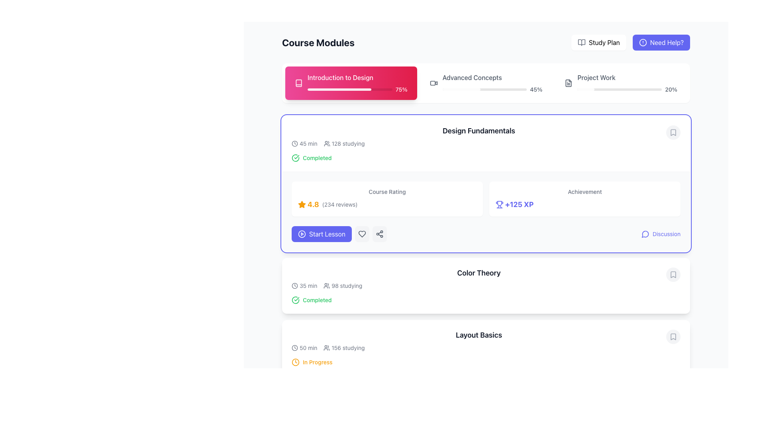  I want to click on the trophy icon's SVG outline element that represents achievement, located at the top-center of the trophy icon in the achievements section, so click(499, 203).